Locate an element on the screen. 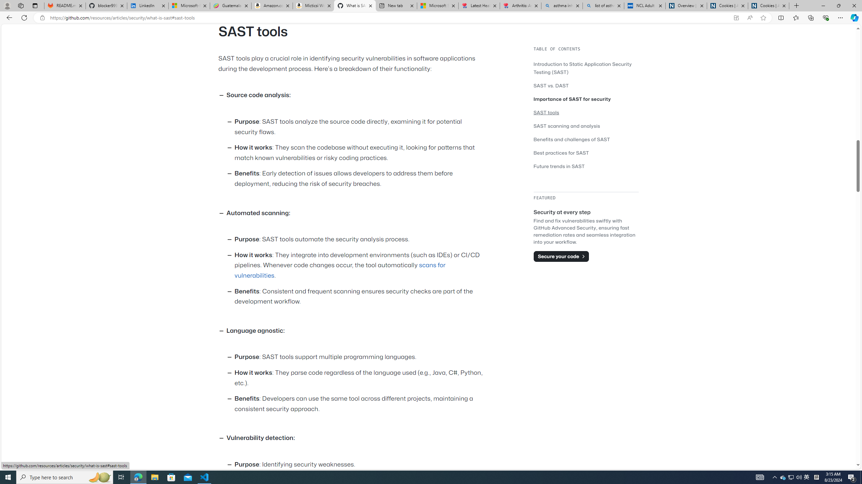 The height and width of the screenshot is (484, 862). 'Best practices for SAST' is located at coordinates (561, 153).